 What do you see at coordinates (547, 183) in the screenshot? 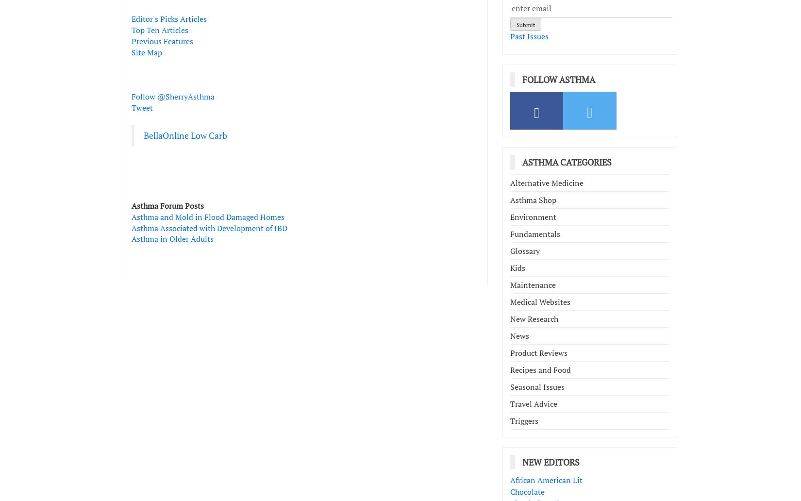
I see `'Alternative Medicine'` at bounding box center [547, 183].